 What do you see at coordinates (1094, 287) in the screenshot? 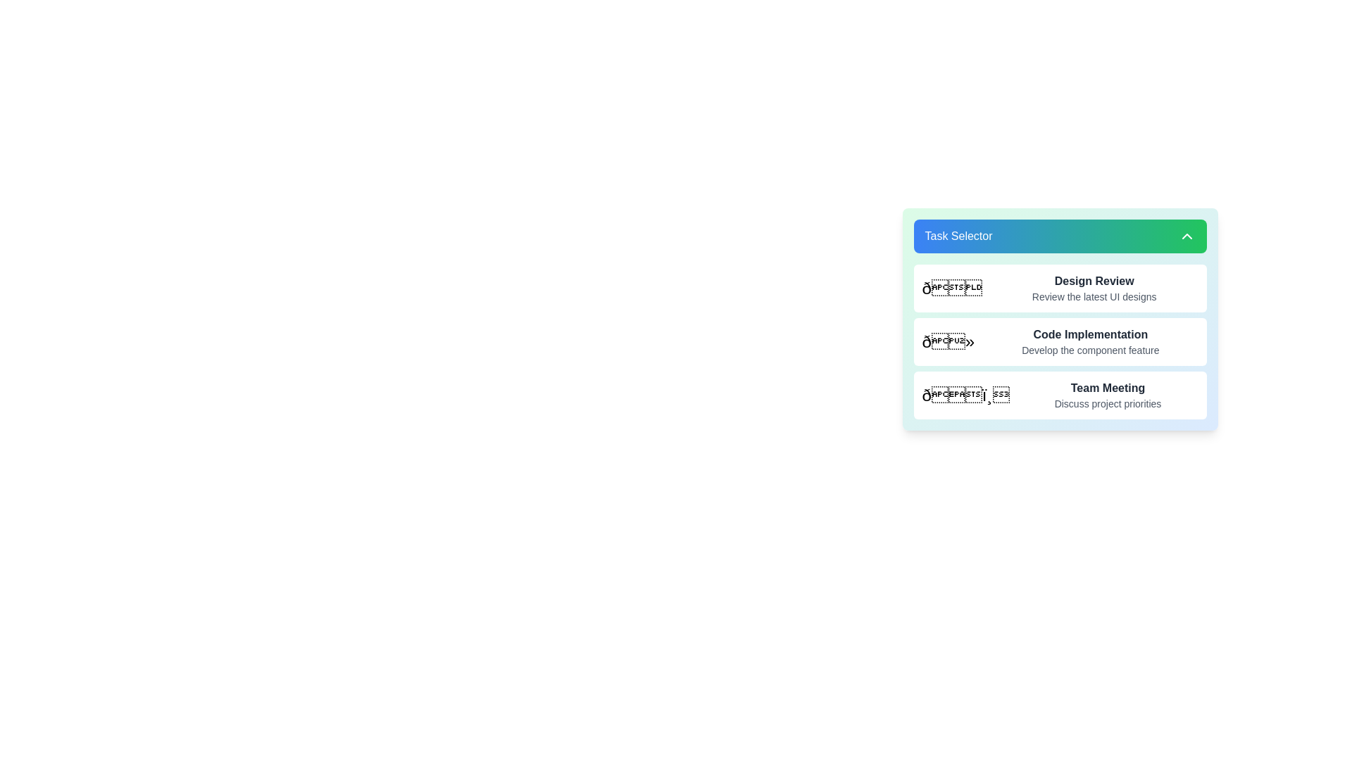
I see `the 'Design Review' text block, which features a bold title and a description` at bounding box center [1094, 287].